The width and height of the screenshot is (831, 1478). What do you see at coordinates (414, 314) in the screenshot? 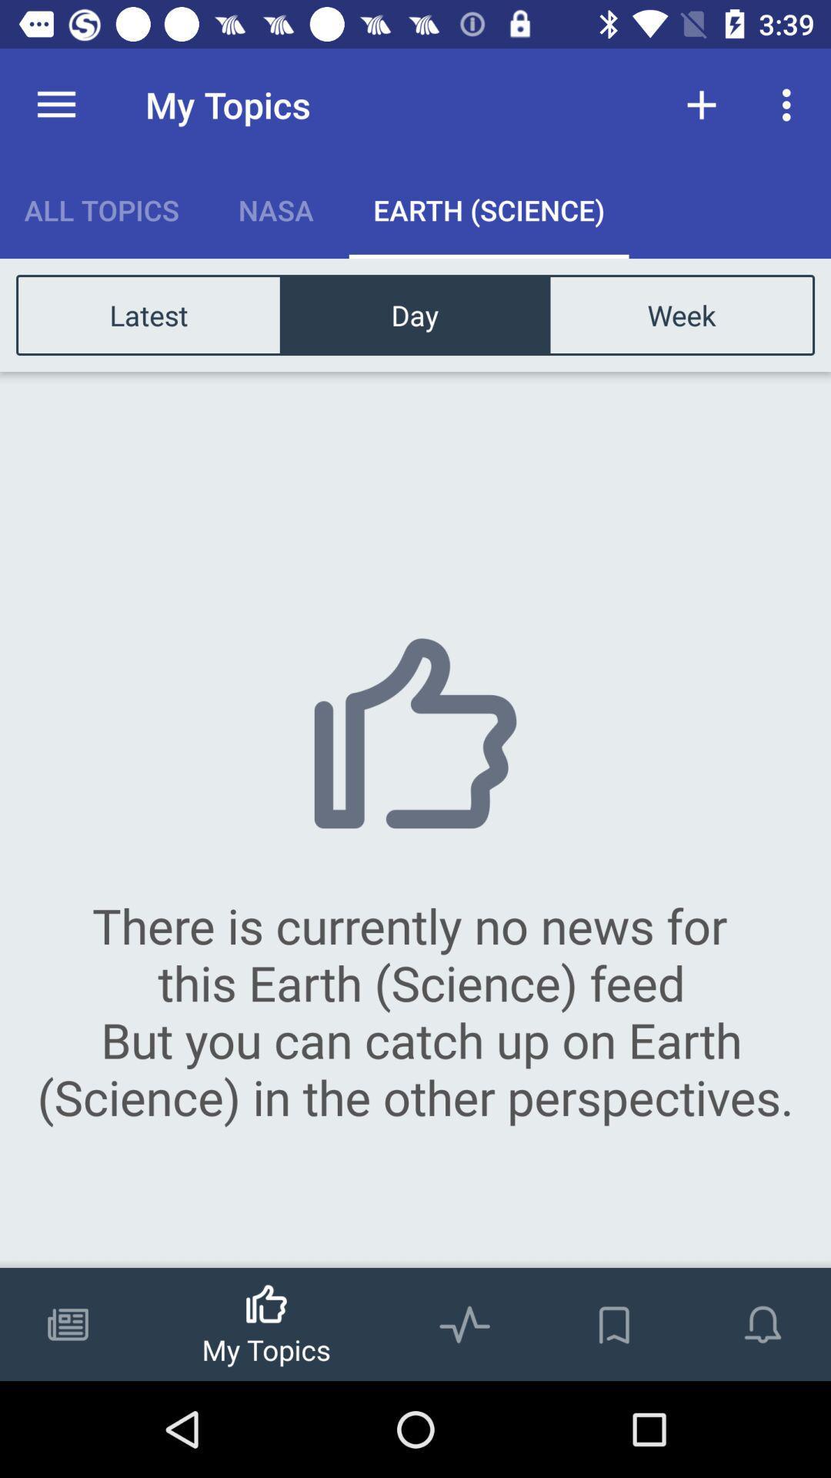
I see `day item` at bounding box center [414, 314].